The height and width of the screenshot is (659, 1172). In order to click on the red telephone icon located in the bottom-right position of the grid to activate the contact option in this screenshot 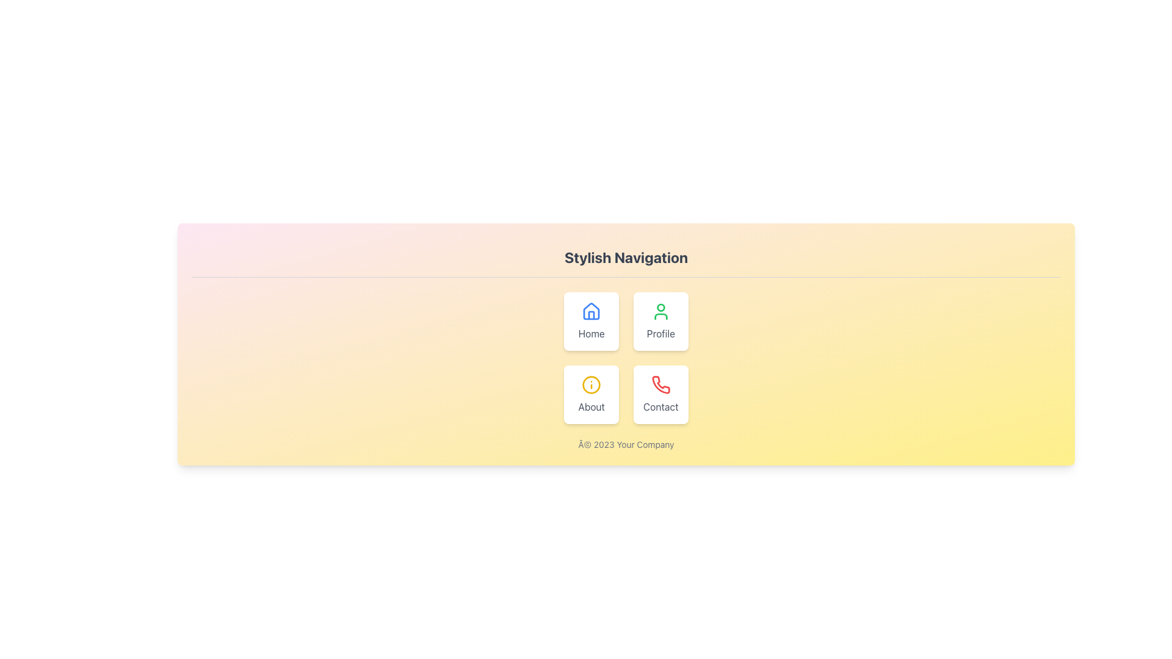, I will do `click(660, 384)`.